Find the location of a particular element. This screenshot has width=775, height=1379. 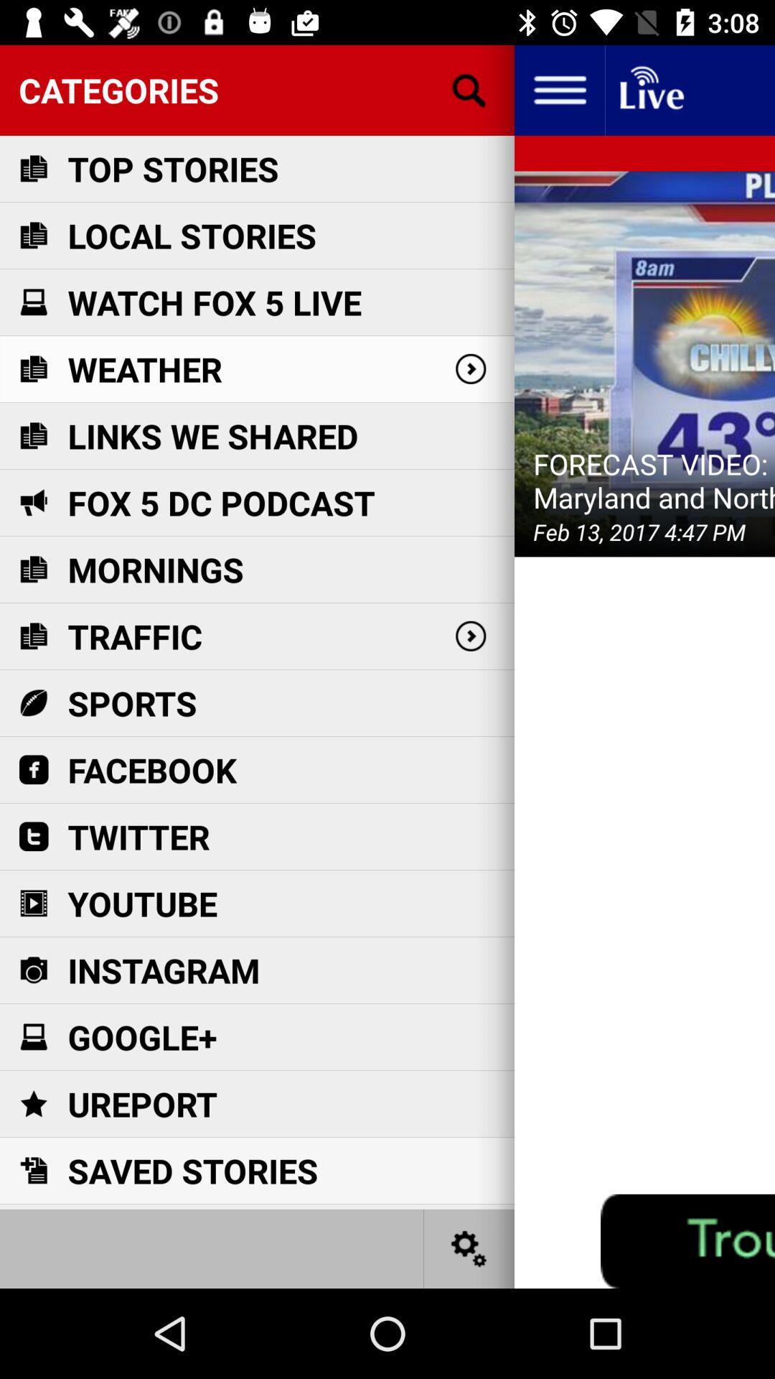

the search icon is located at coordinates (469, 89).